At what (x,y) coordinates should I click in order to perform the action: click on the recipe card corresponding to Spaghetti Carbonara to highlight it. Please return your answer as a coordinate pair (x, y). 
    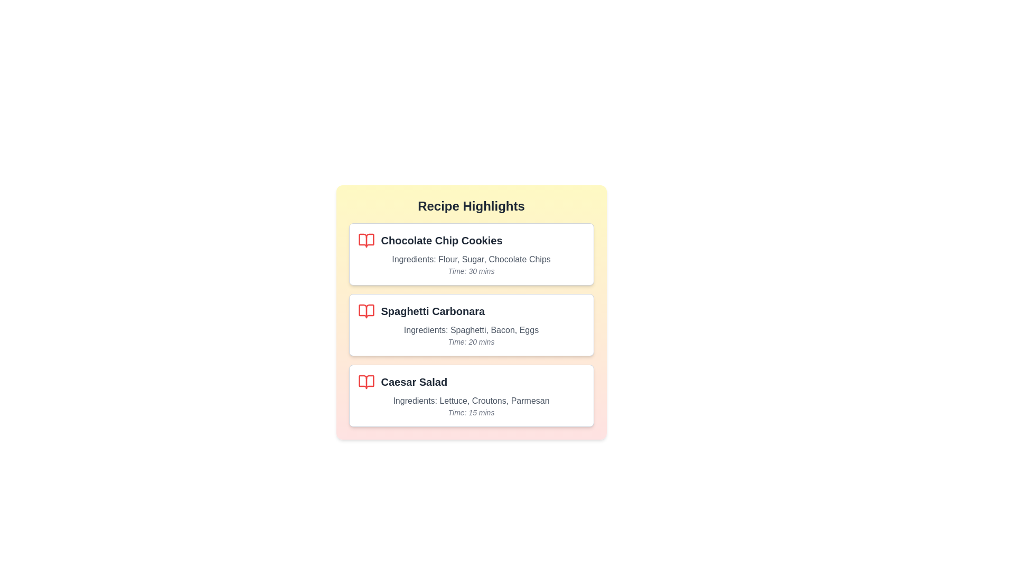
    Looking at the image, I should click on (471, 325).